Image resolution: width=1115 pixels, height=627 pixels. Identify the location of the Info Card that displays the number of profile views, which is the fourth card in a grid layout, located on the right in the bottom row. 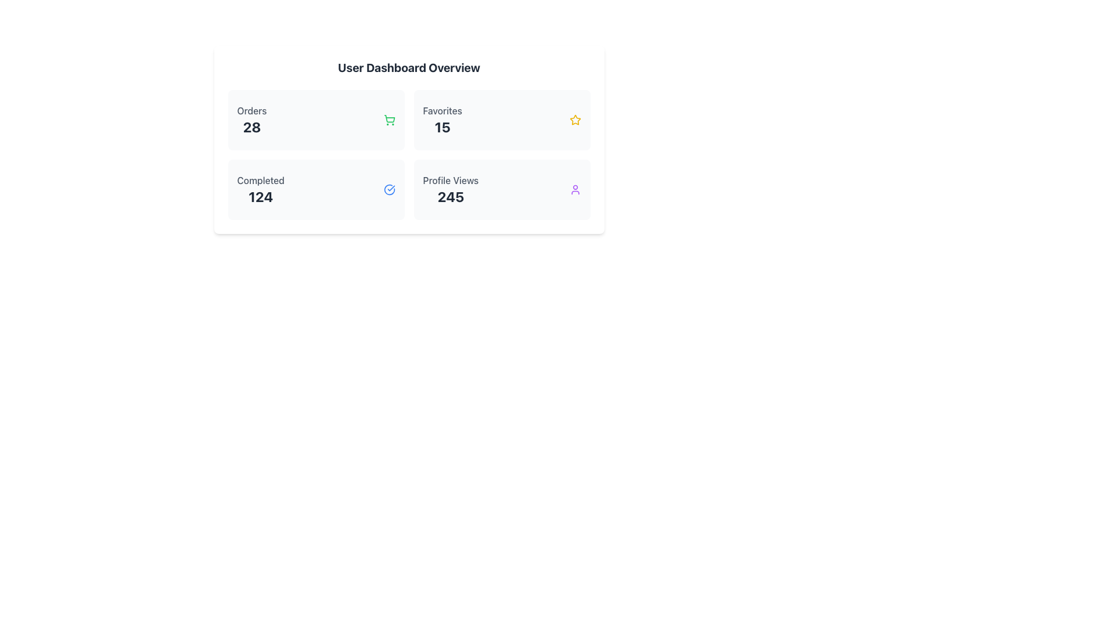
(502, 189).